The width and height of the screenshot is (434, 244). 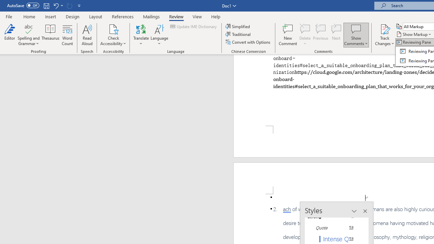 What do you see at coordinates (336, 35) in the screenshot?
I see `'Next'` at bounding box center [336, 35].